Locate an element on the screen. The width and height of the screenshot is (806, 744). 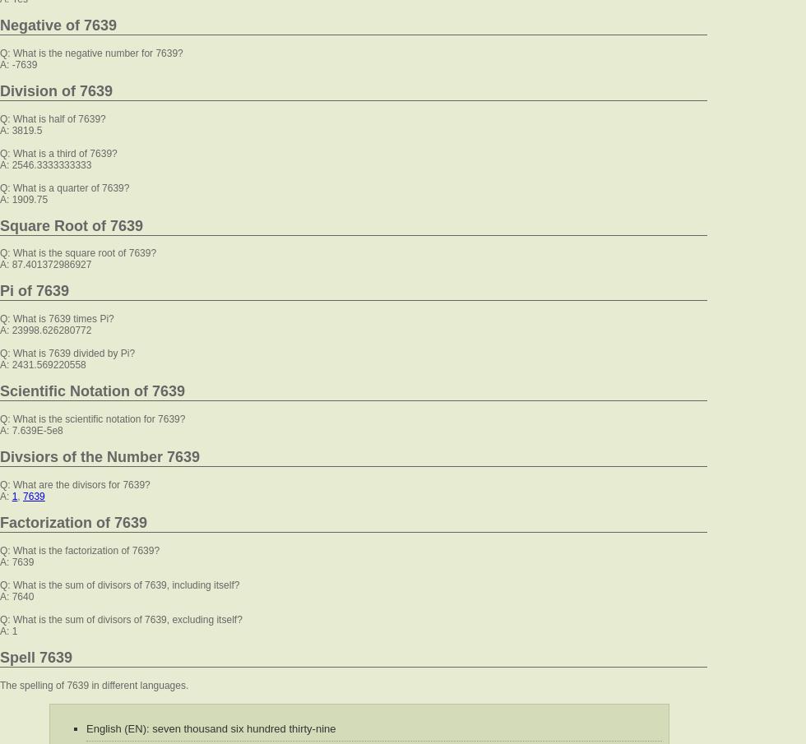
'Q: What is the square root of 7639?' is located at coordinates (0, 252).